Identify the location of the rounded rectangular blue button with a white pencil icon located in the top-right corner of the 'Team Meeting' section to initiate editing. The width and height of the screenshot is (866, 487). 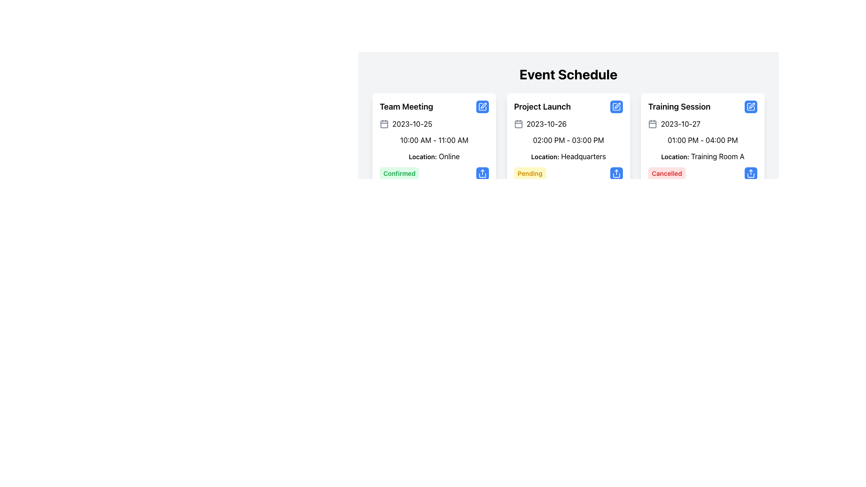
(482, 106).